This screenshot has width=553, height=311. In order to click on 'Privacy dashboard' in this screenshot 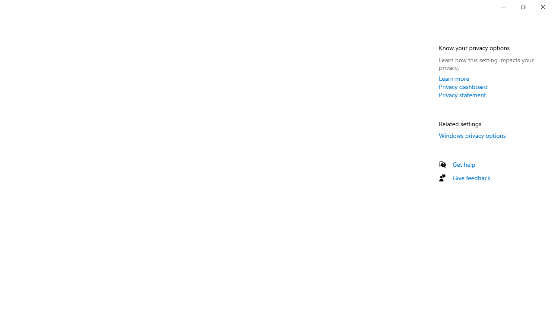, I will do `click(463, 86)`.